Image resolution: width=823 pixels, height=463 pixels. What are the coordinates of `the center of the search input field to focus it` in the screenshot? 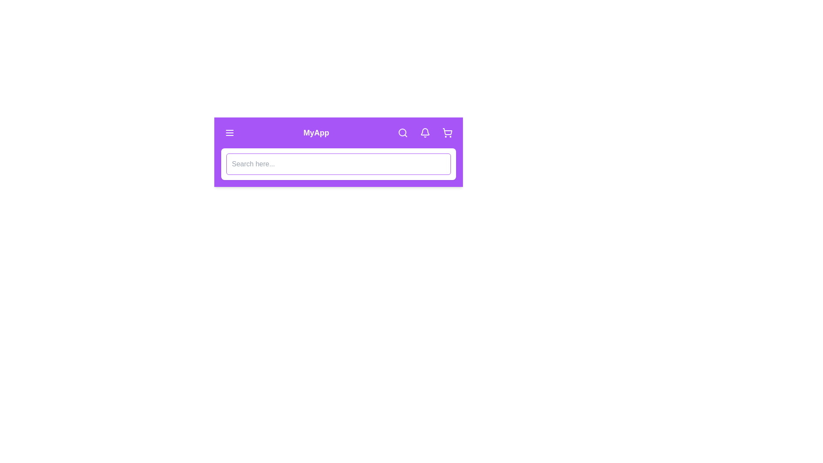 It's located at (338, 164).